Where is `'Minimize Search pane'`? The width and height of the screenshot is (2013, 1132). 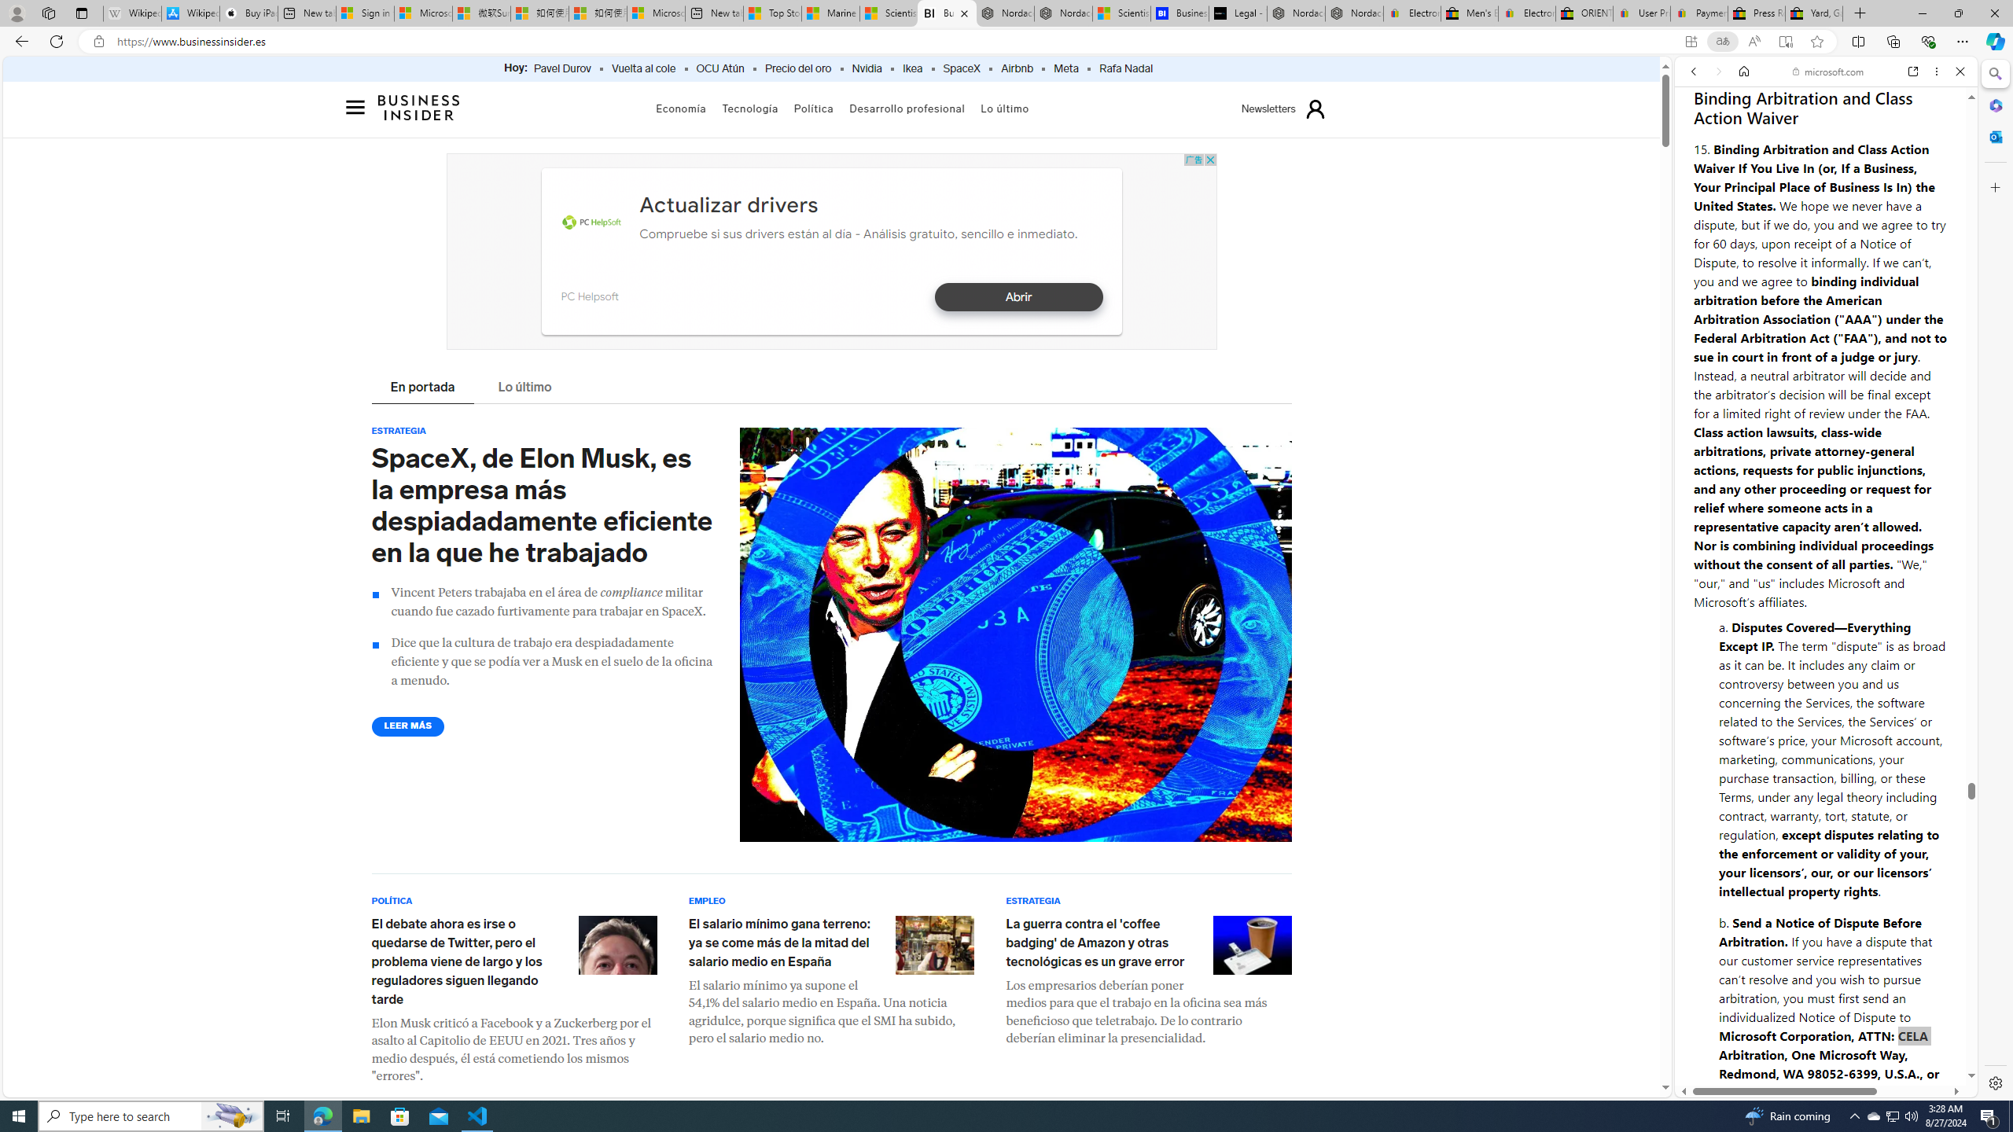
'Minimize Search pane' is located at coordinates (1993, 73).